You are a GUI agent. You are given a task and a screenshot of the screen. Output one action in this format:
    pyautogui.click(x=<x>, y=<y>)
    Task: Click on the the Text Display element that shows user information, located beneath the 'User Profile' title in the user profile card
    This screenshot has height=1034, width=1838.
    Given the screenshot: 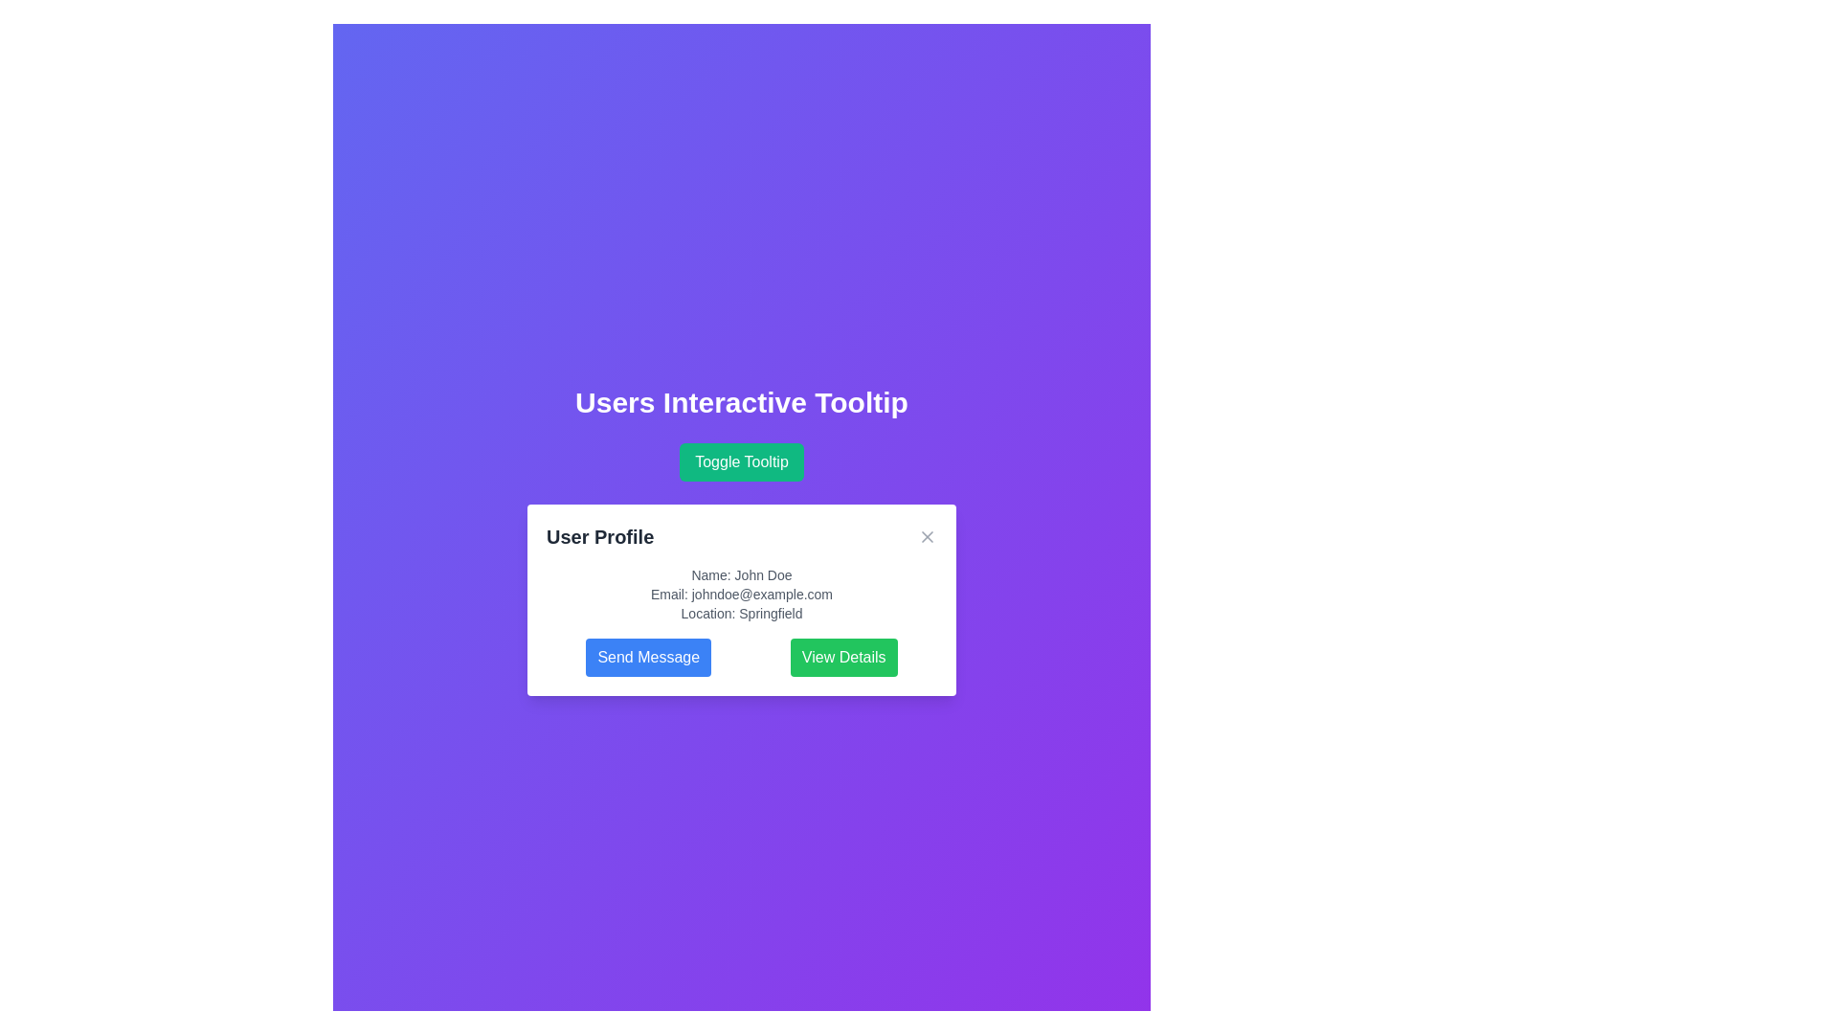 What is the action you would take?
    pyautogui.click(x=740, y=594)
    